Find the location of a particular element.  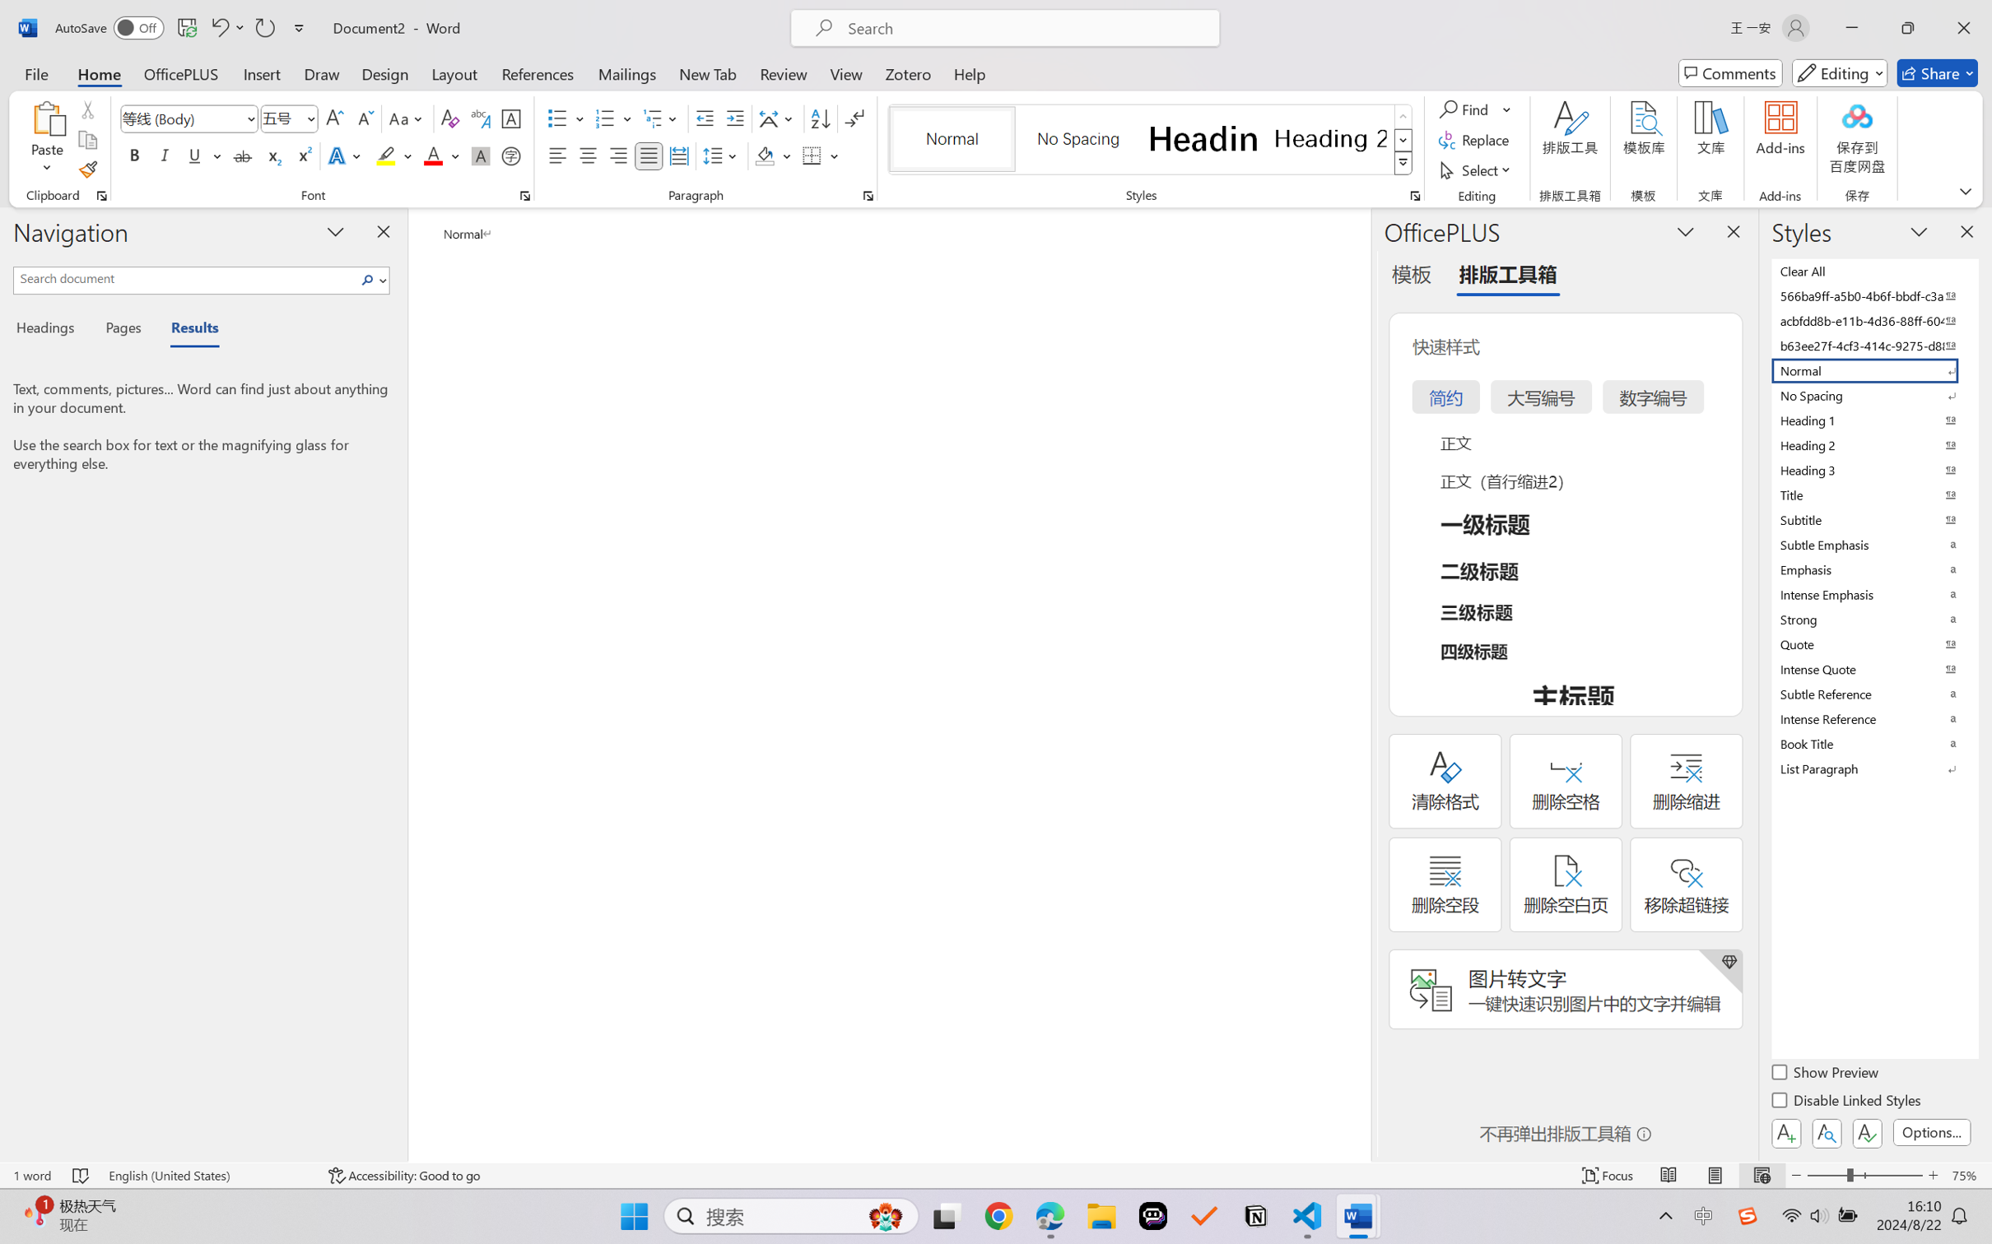

'Heading 1' is located at coordinates (1203, 138).